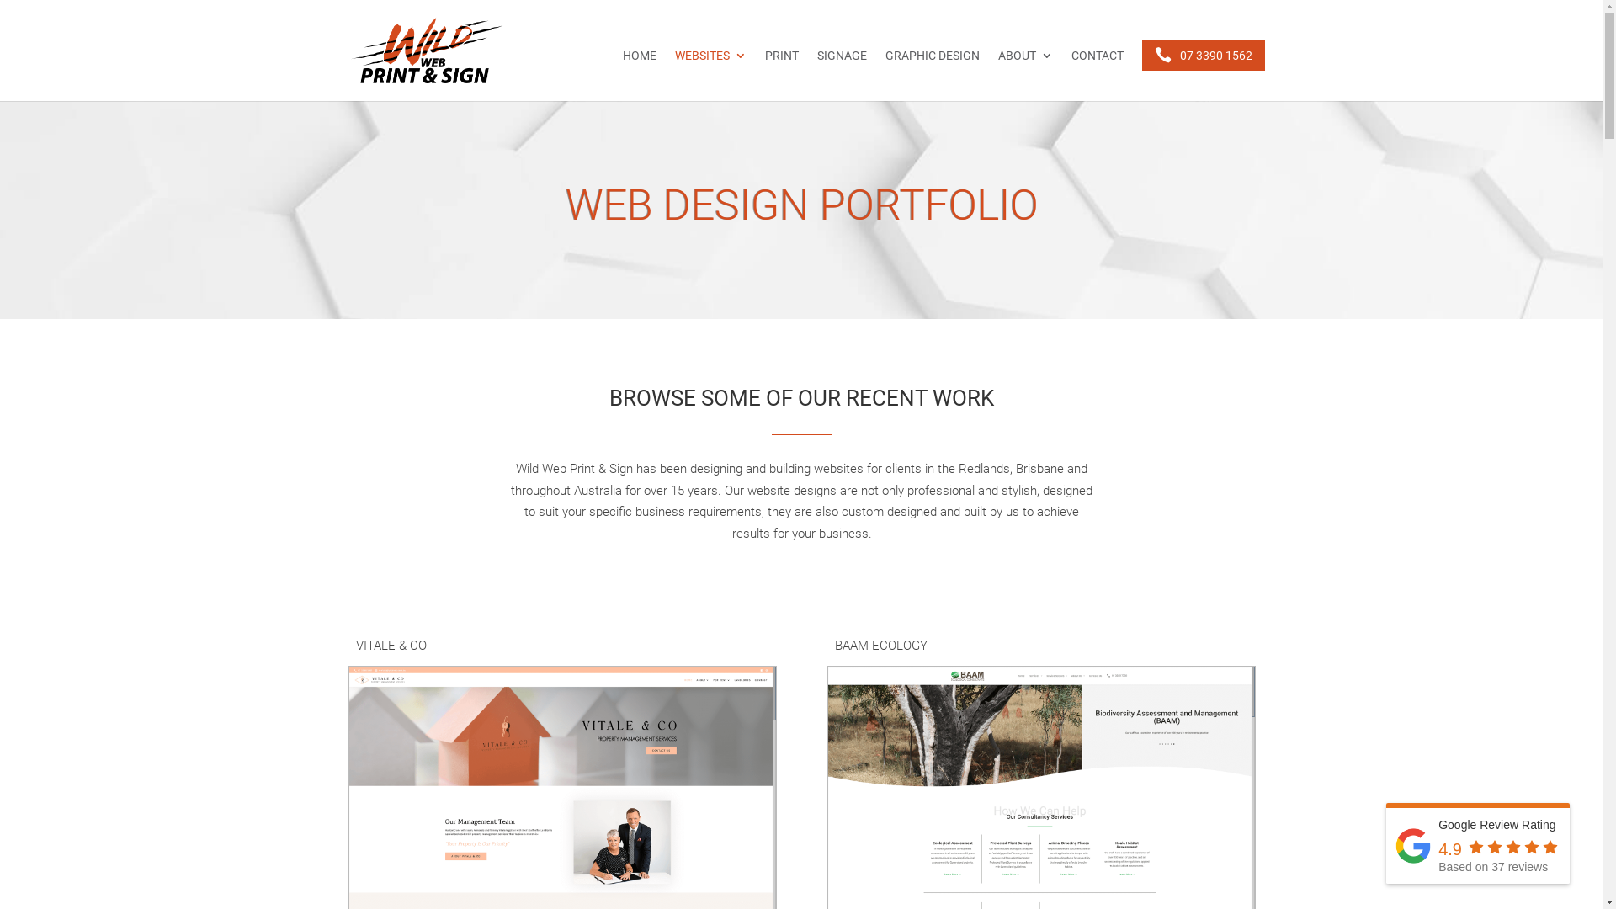  I want to click on 'PRINT', so click(779, 74).